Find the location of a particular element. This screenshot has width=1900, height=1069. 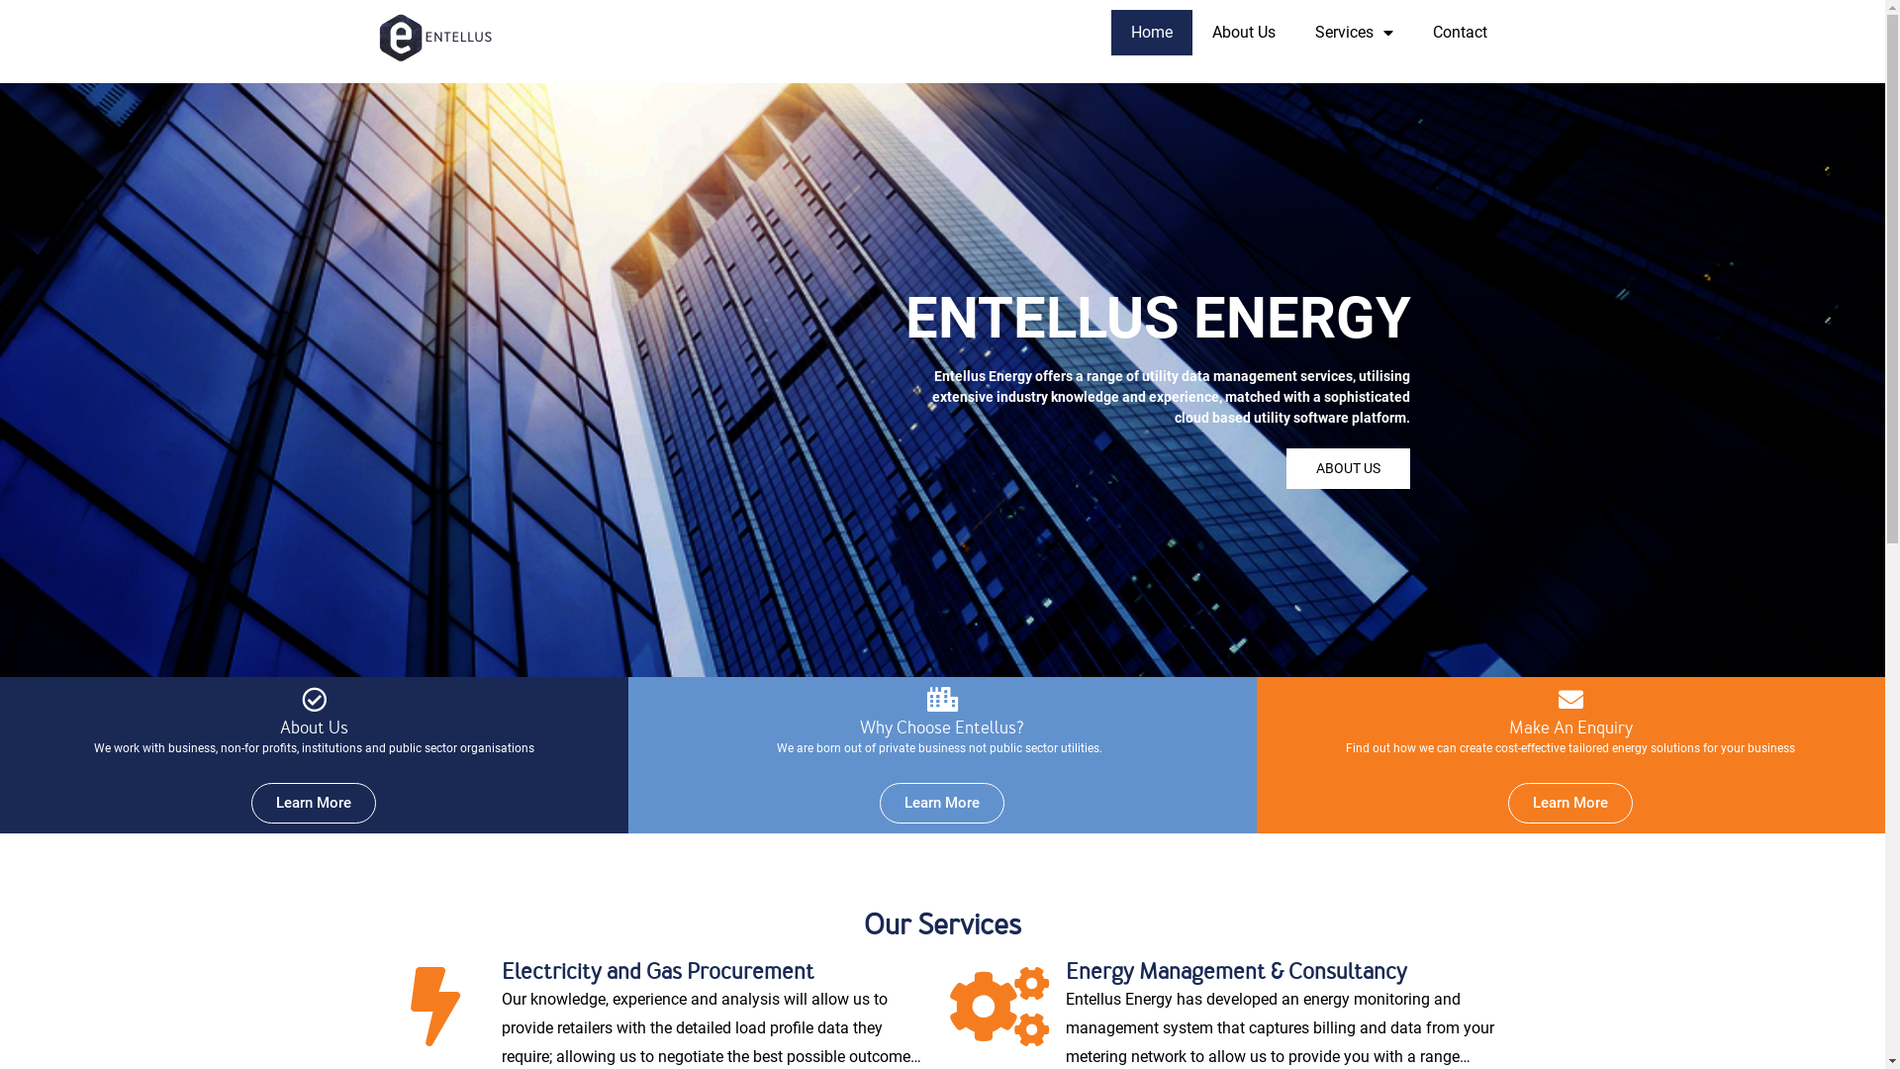

'ABOUT US' is located at coordinates (1347, 468).